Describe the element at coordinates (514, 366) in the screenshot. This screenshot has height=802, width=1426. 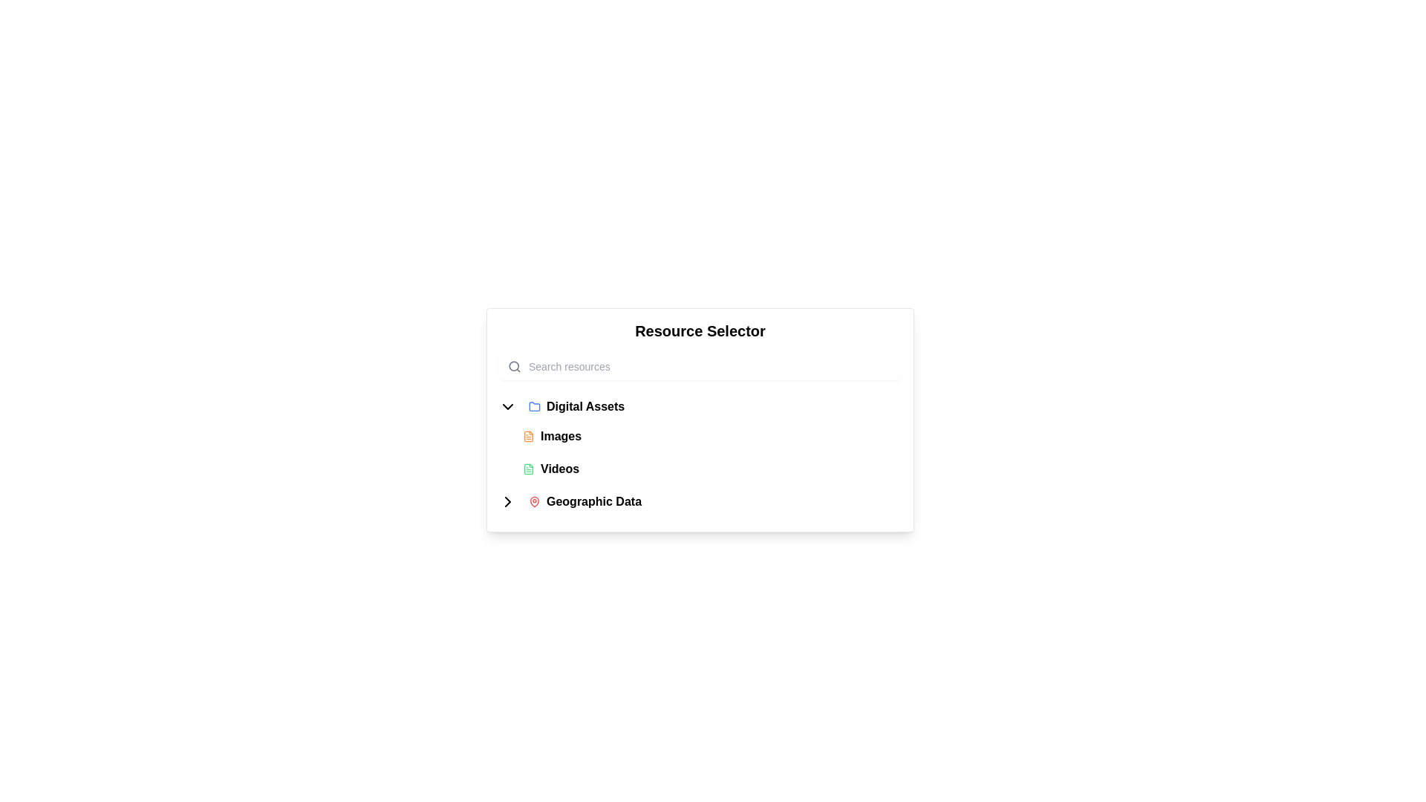
I see `the search icon located in the upper left corner of the 'Resource Selector' header section` at that location.